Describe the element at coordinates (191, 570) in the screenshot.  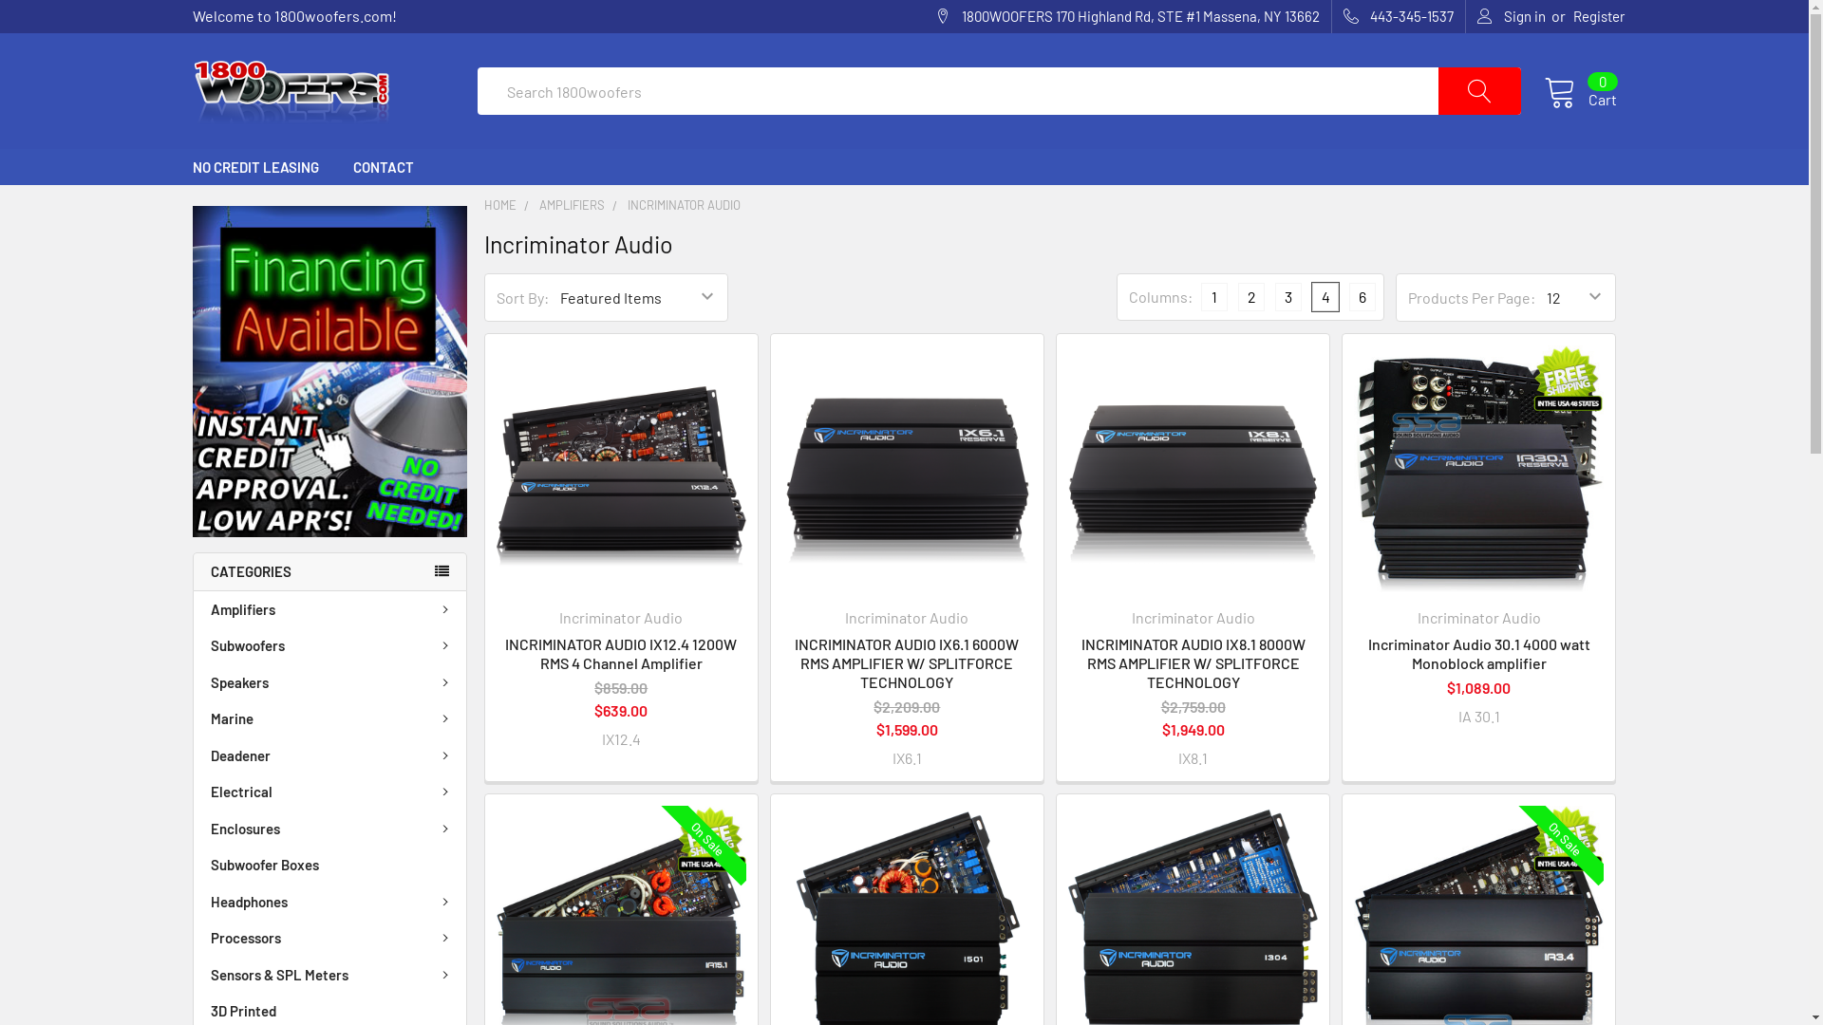
I see `'CATEGORIES'` at that location.